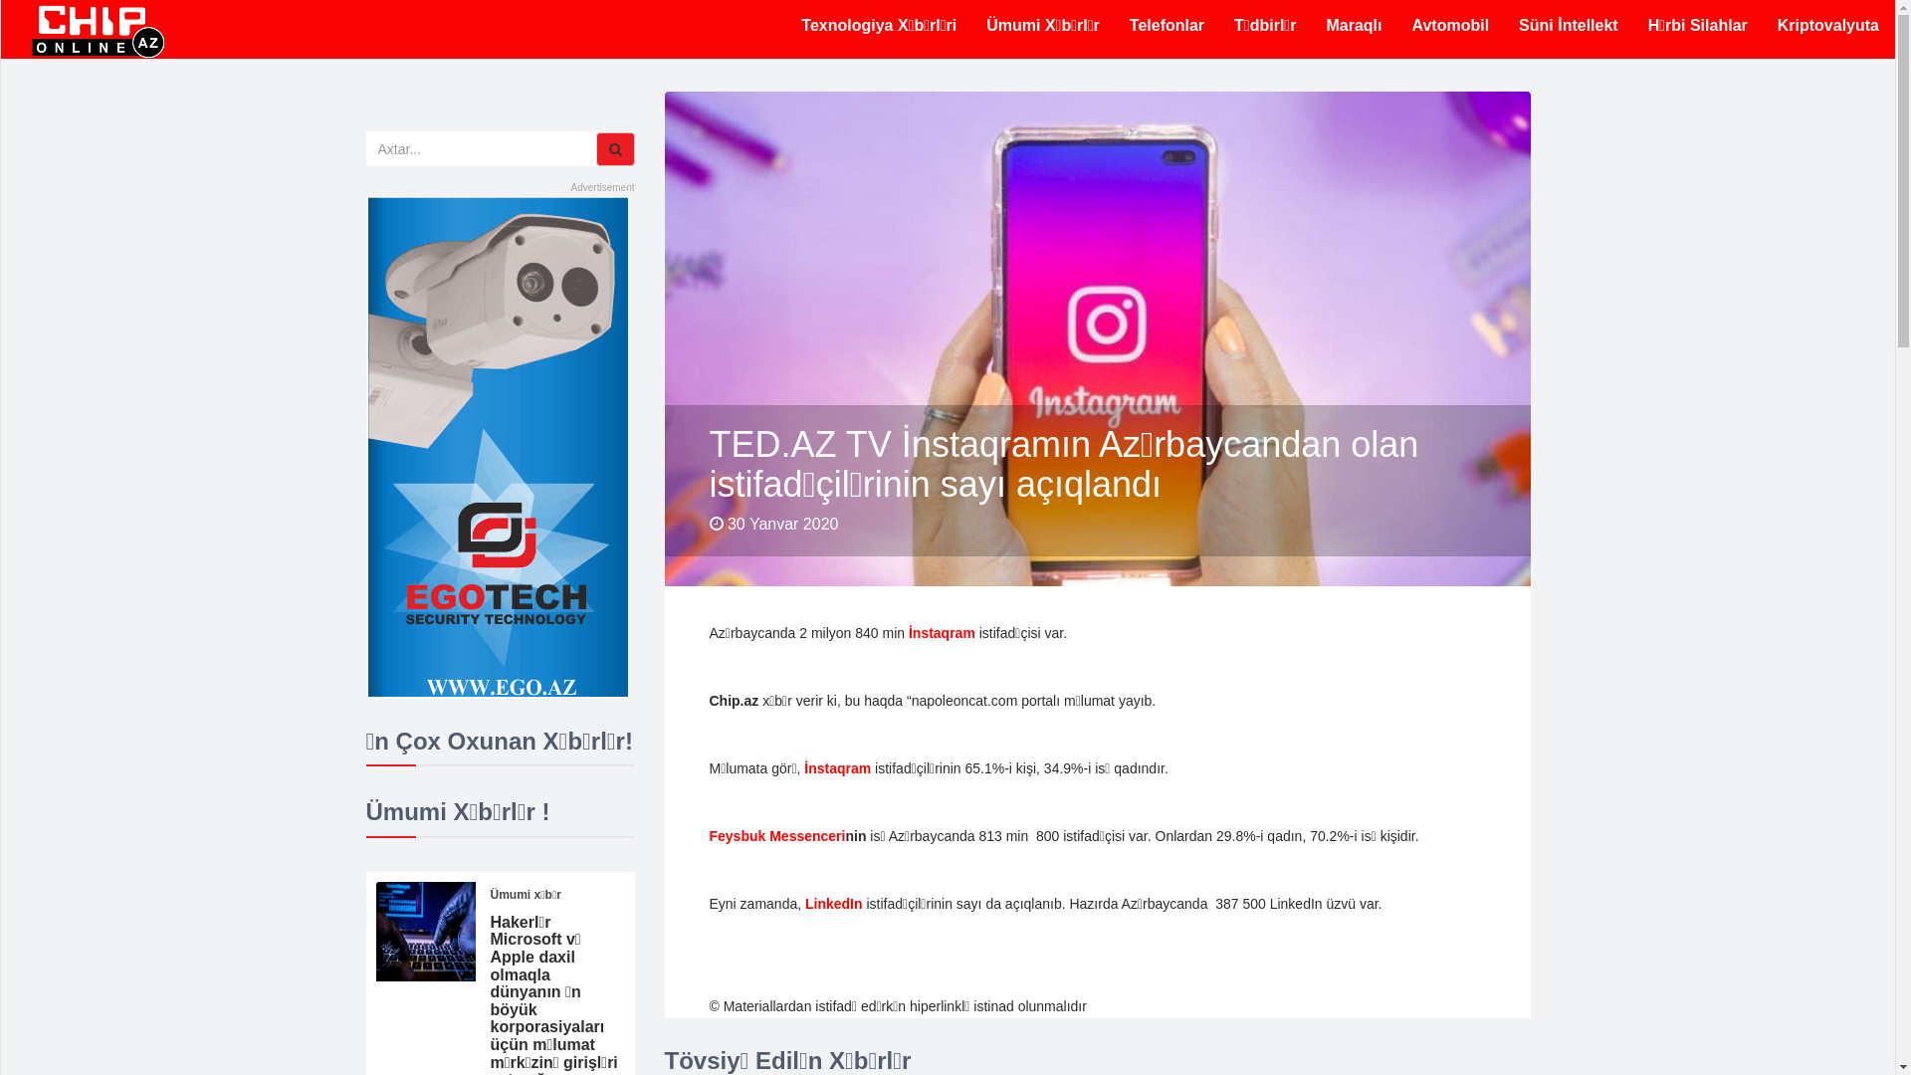 Image resolution: width=1911 pixels, height=1075 pixels. What do you see at coordinates (1450, 26) in the screenshot?
I see `'Avtomobil'` at bounding box center [1450, 26].